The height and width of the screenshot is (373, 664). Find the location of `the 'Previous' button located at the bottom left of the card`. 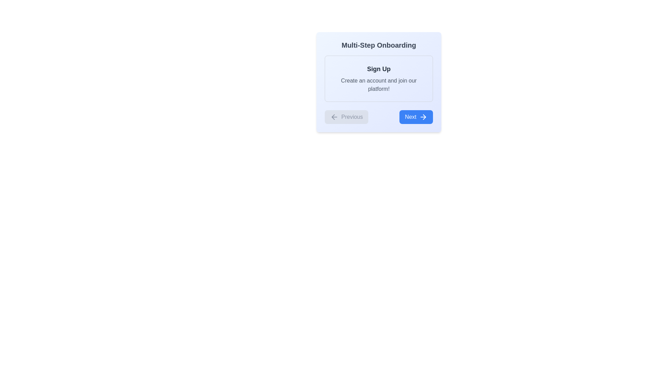

the 'Previous' button located at the bottom left of the card is located at coordinates (347, 117).